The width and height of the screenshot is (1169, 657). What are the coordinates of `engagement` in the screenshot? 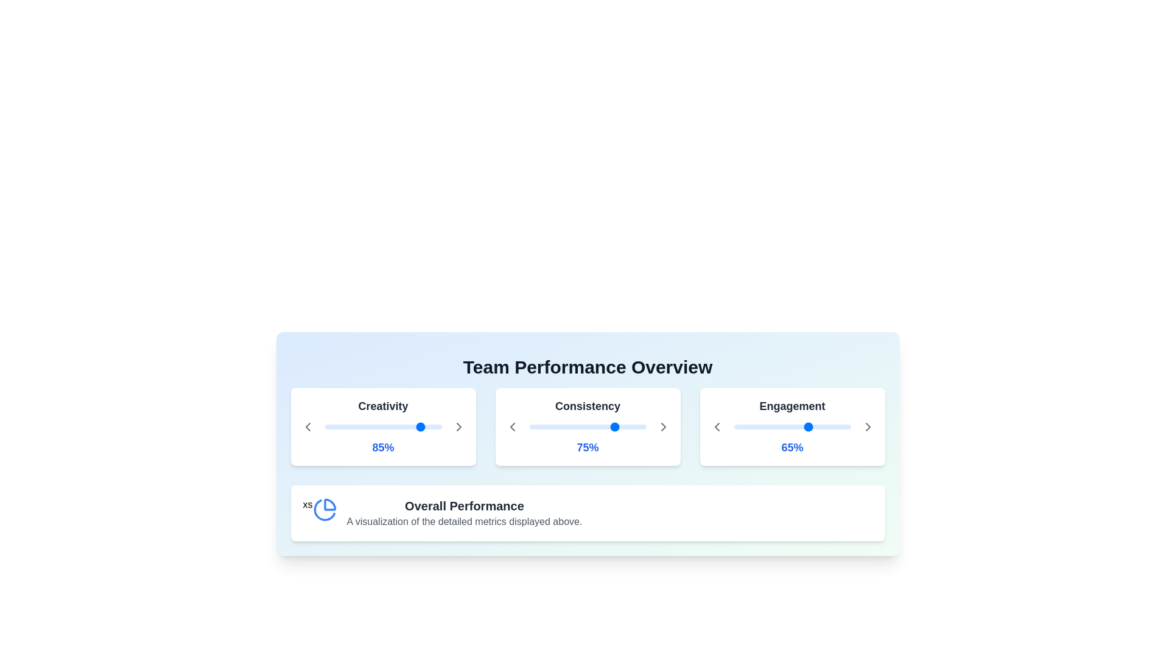 It's located at (795, 426).